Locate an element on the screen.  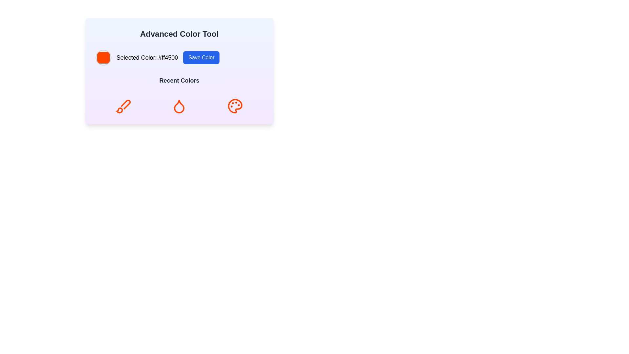
the decorative droplet-shaped icon with a bold orange outline, which is the second icon in the row of three icons labeled 'Recent Colors' at the bottom of the card is located at coordinates (179, 106).